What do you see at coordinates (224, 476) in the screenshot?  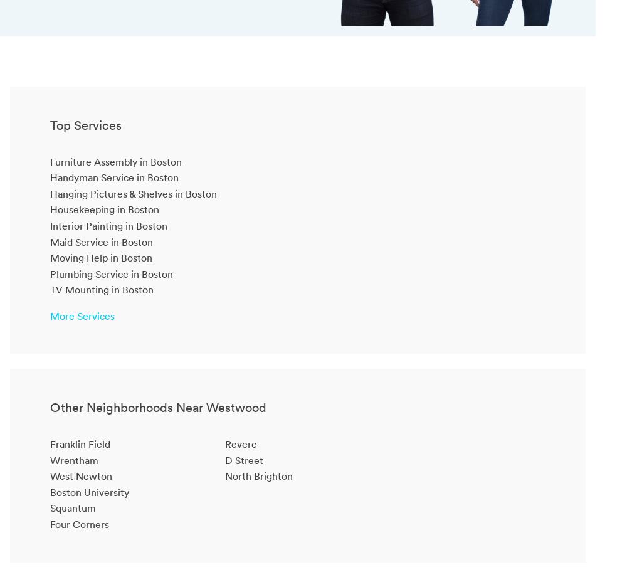 I see `'North Brighton'` at bounding box center [224, 476].